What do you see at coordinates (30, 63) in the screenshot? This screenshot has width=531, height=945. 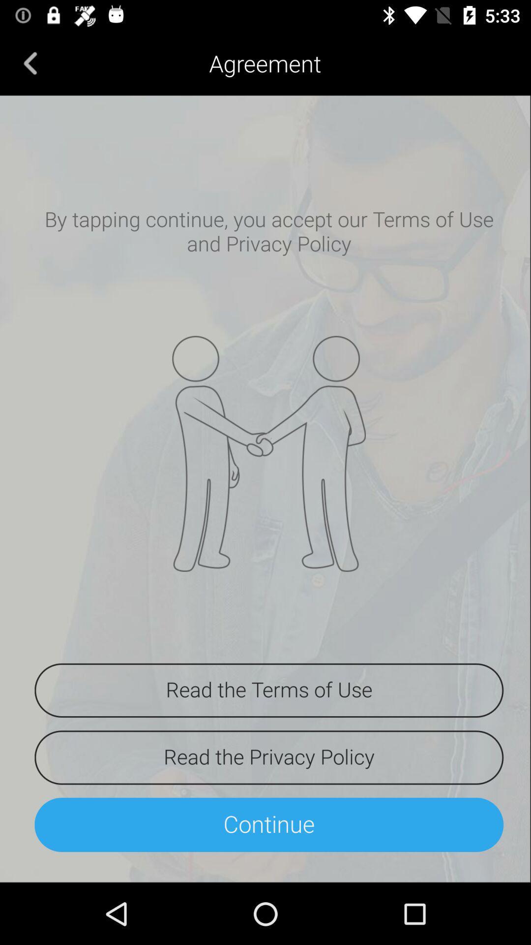 I see `the icon next to agreement item` at bounding box center [30, 63].